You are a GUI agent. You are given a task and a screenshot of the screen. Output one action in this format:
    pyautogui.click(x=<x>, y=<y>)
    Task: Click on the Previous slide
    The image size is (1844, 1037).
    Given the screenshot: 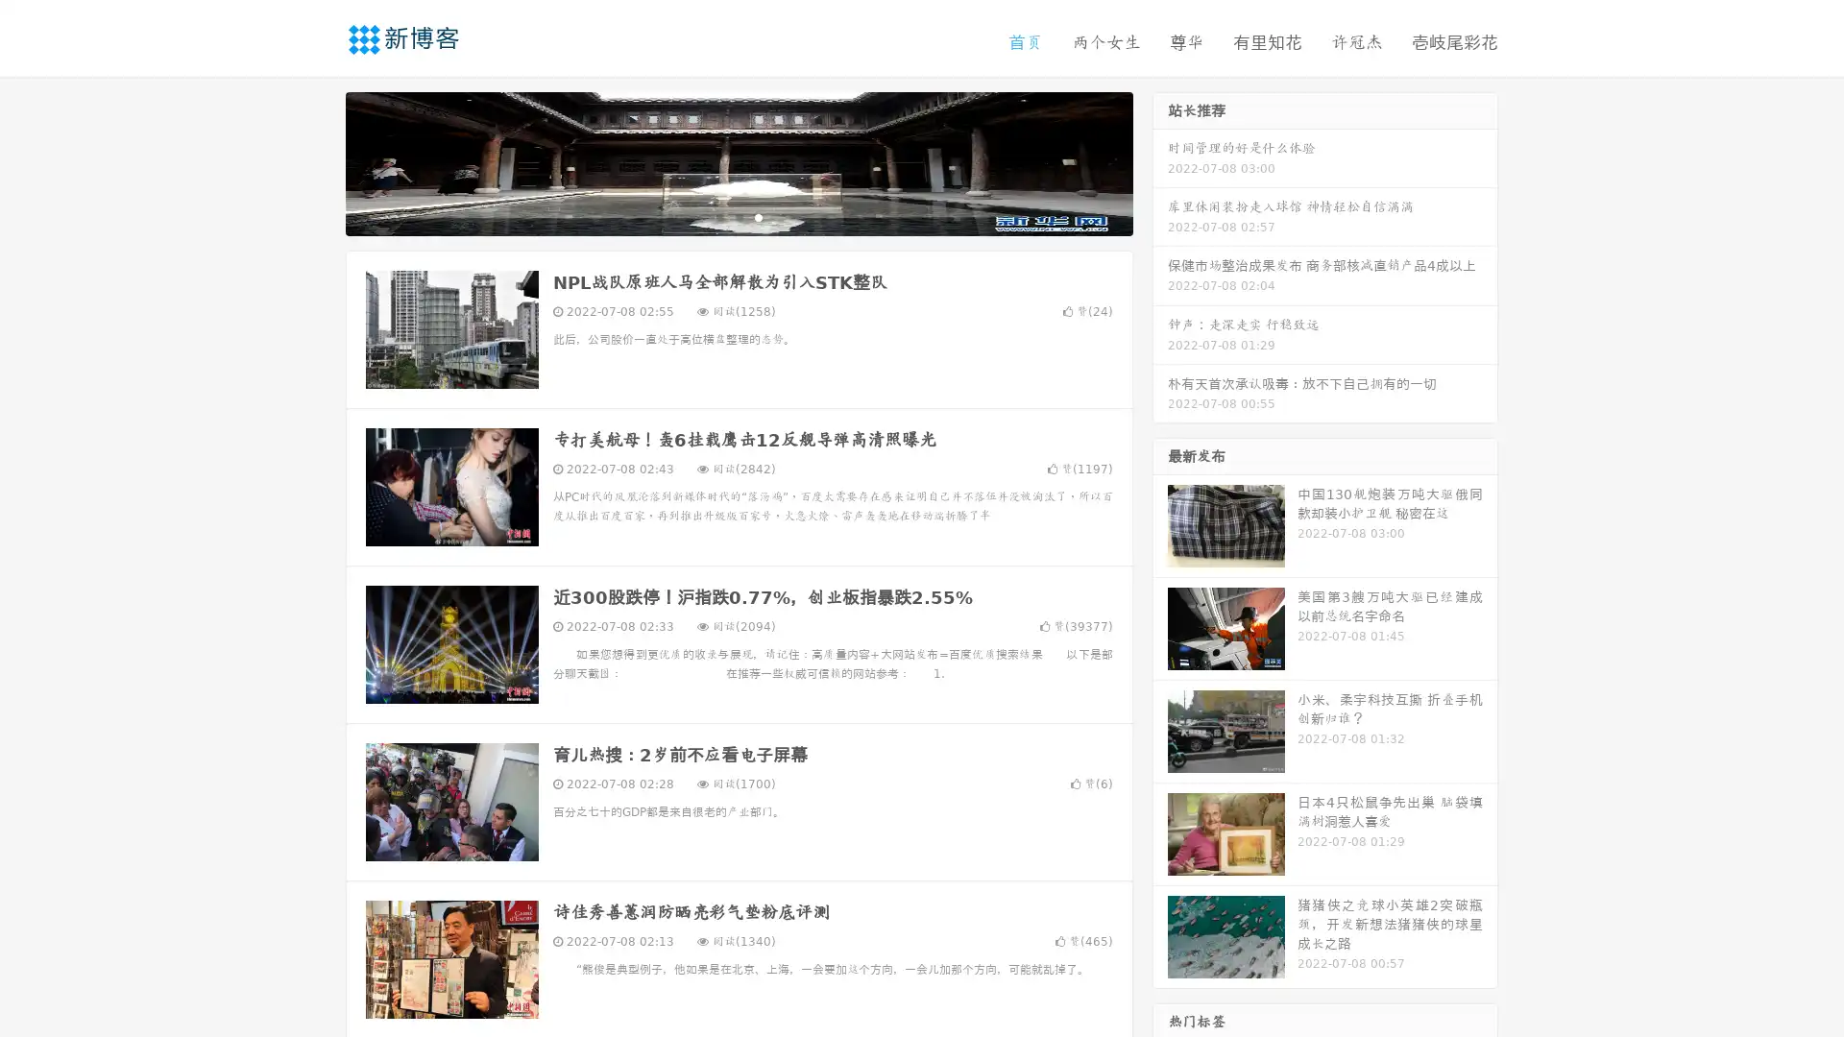 What is the action you would take?
    pyautogui.click(x=317, y=161)
    